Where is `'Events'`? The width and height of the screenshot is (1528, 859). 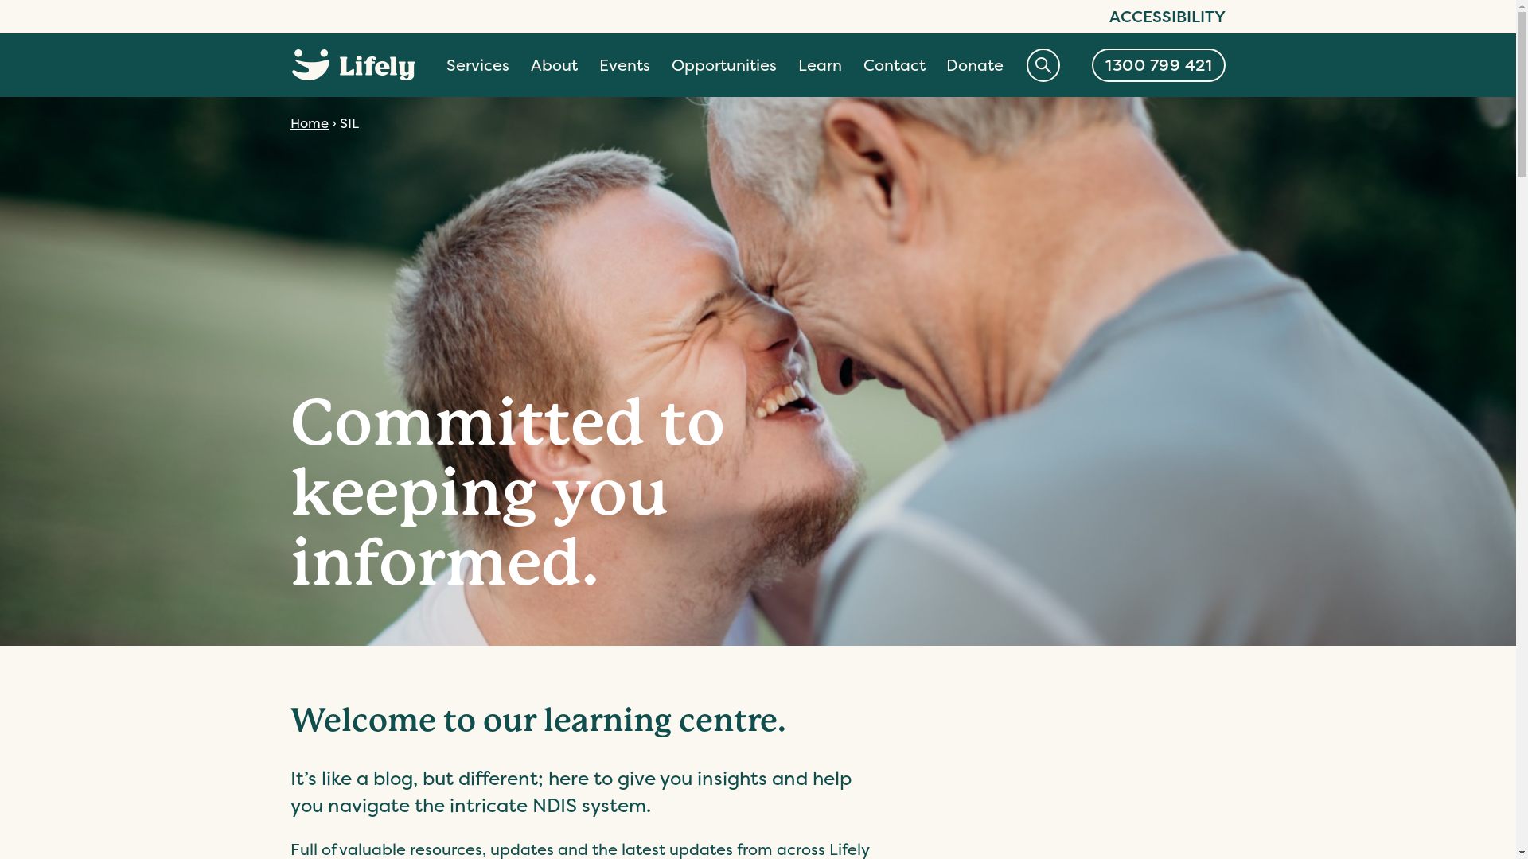
'Events' is located at coordinates (624, 65).